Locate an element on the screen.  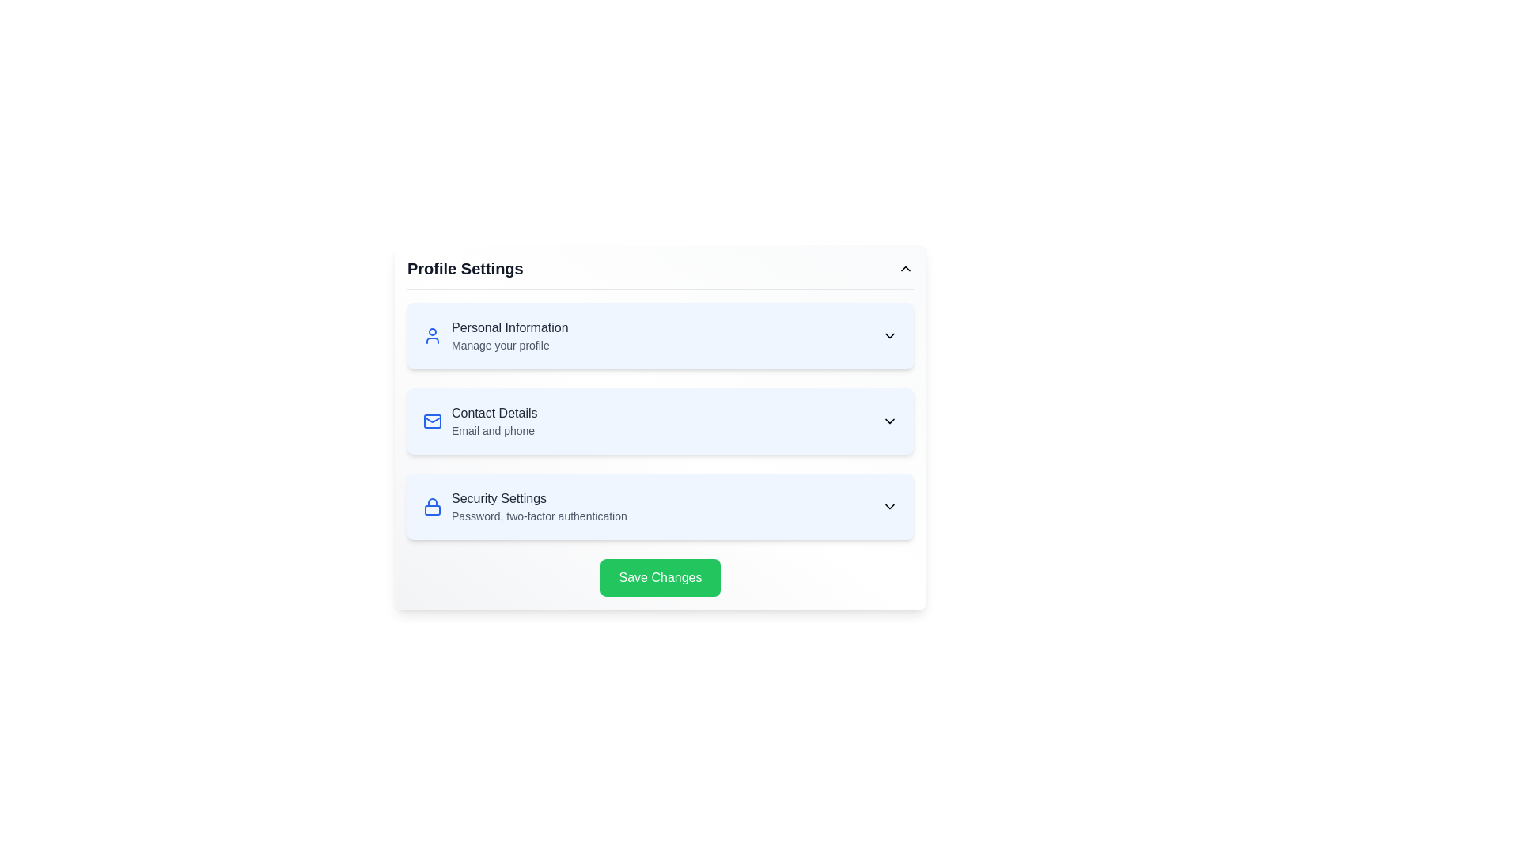
the icon located at the right edge of the 'Personal Information' section header to indicate its interactive functionality is located at coordinates (889, 334).